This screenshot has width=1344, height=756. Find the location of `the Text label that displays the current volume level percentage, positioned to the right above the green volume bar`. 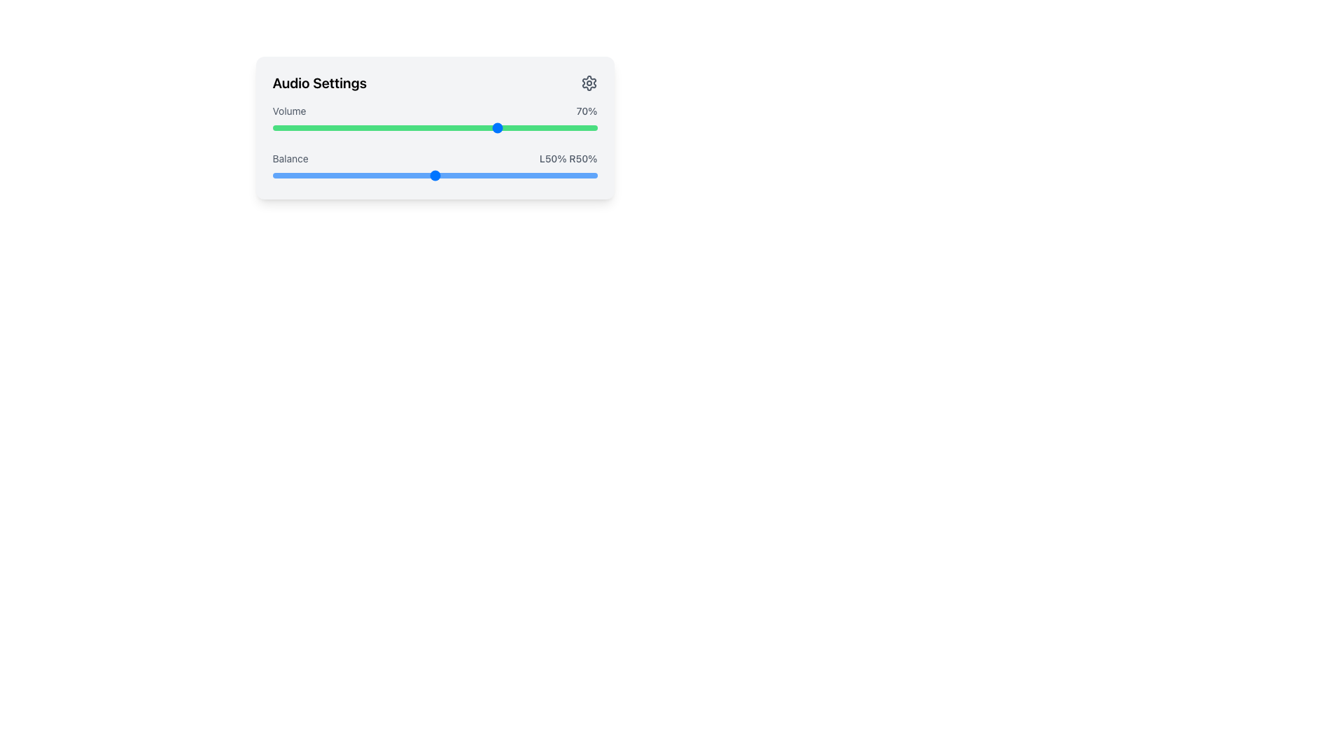

the Text label that displays the current volume level percentage, positioned to the right above the green volume bar is located at coordinates (587, 110).